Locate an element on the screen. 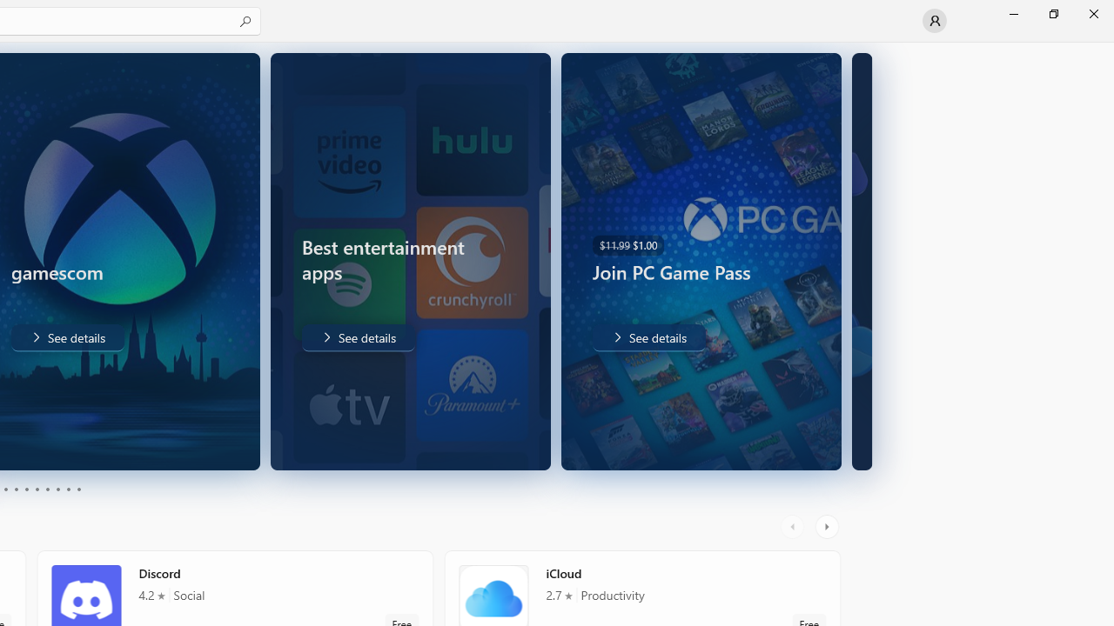  'Close Microsoft Store' is located at coordinates (1092, 13).